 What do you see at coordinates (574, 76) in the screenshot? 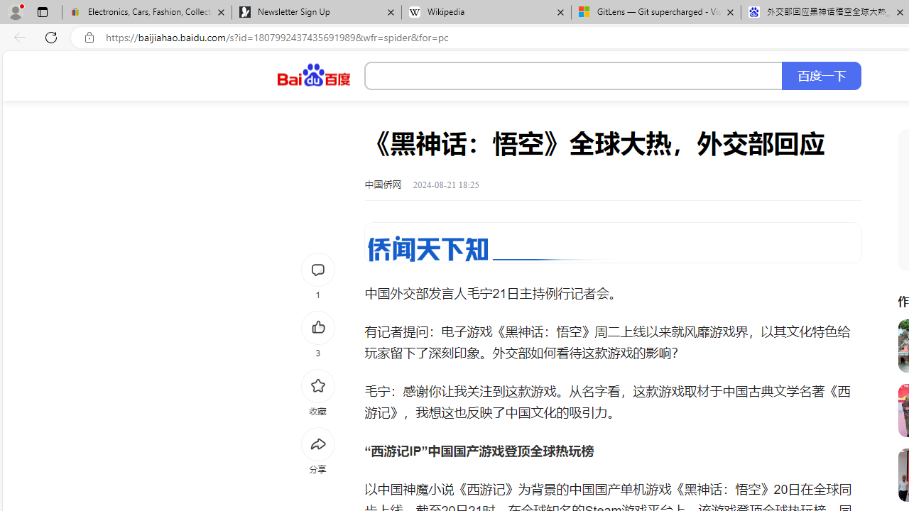
I see `'Class: _2C4fV'` at bounding box center [574, 76].